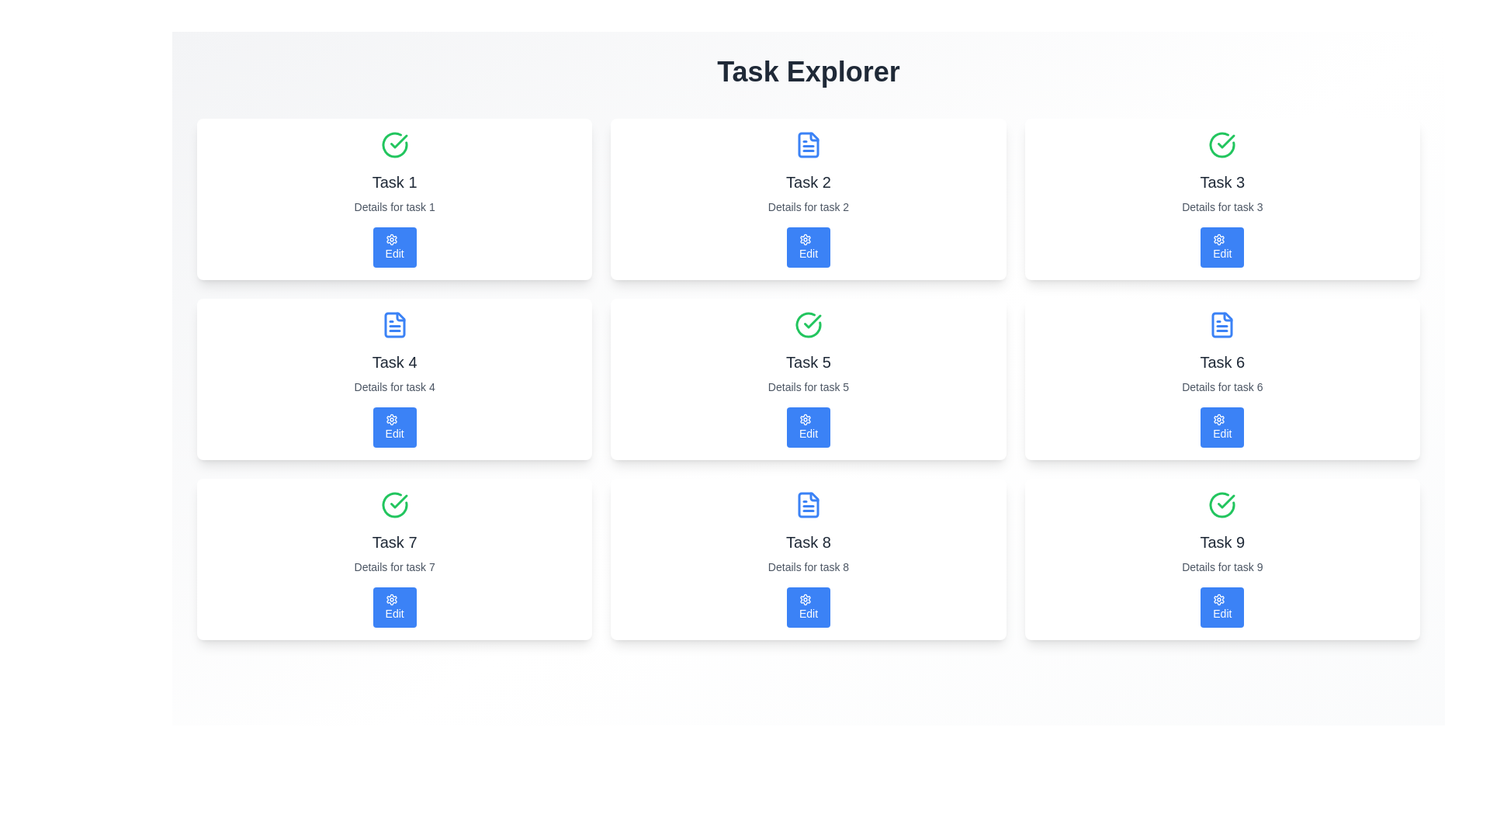  What do you see at coordinates (807, 206) in the screenshot?
I see `the static text label that provides additional details about 'Task 2', positioned directly below the 'Task 2' title in the second row of a 3x3 grid layout` at bounding box center [807, 206].